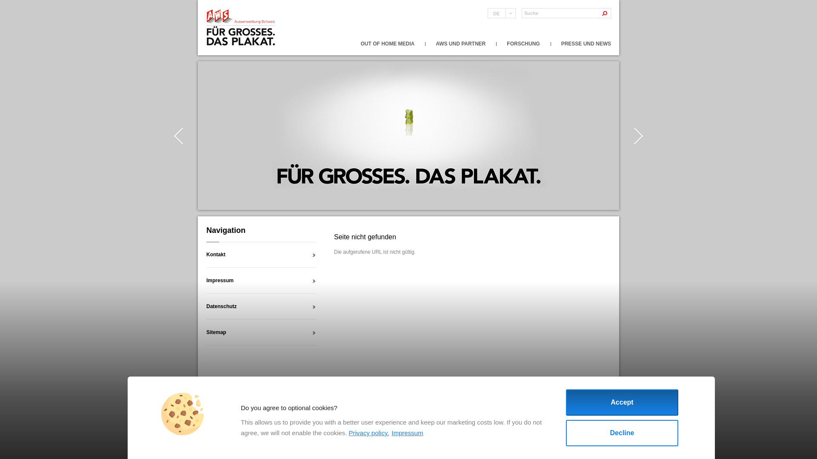 The height and width of the screenshot is (459, 817). I want to click on 'Aussenwerbung Schweiz fur grosses das plakat', so click(241, 27).